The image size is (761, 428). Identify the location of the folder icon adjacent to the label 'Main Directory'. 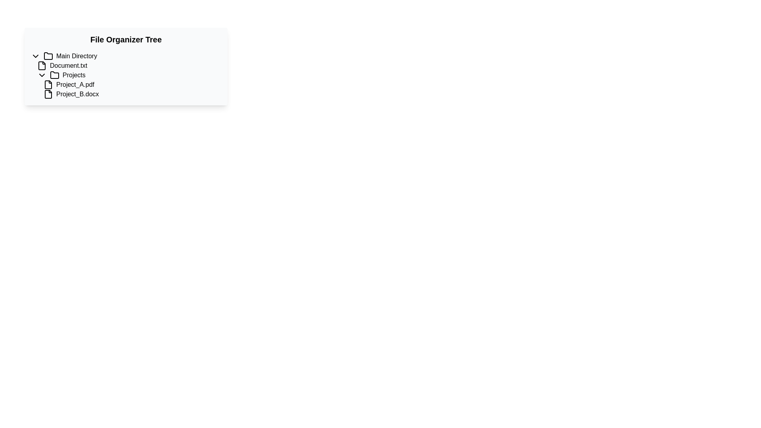
(48, 55).